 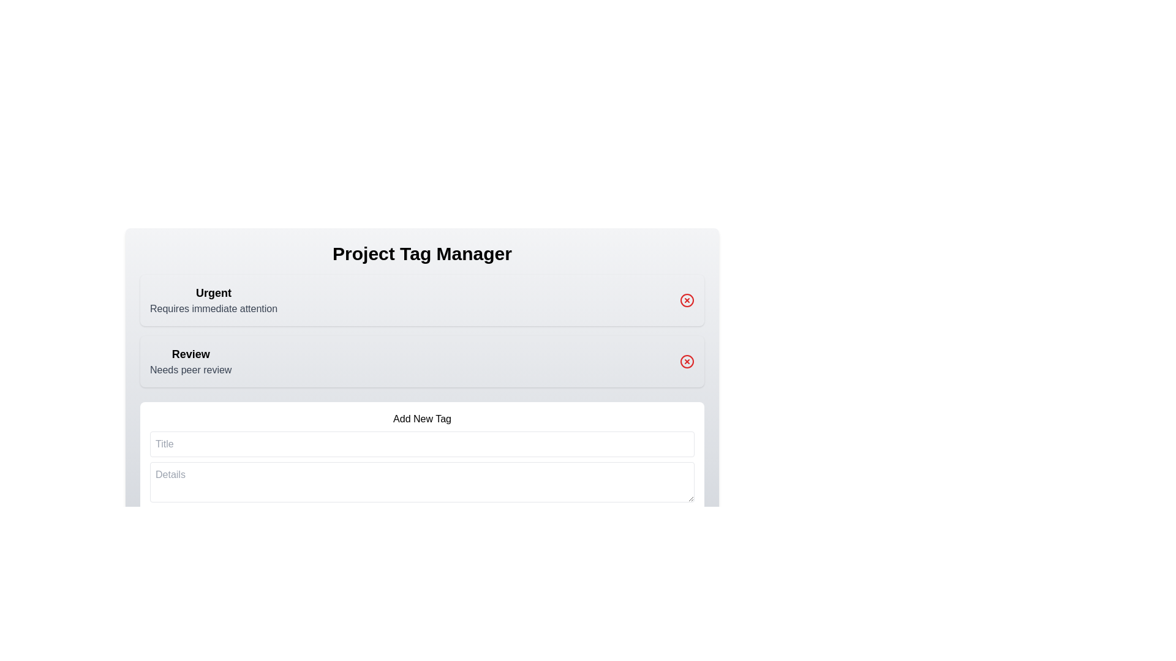 I want to click on the circular SVG graphical element styled with a border and no visible fill, located within the SVG structure below the 'Add New Tag' area, so click(x=167, y=528).